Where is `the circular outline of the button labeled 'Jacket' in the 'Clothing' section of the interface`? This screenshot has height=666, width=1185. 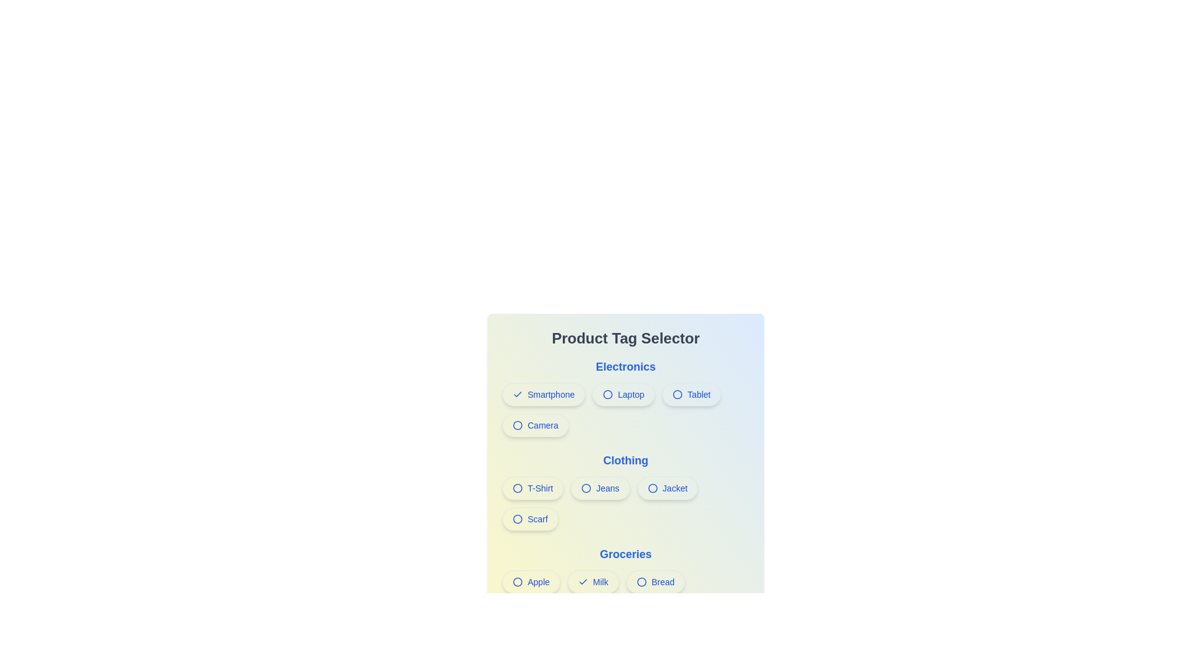
the circular outline of the button labeled 'Jacket' in the 'Clothing' section of the interface is located at coordinates (652, 487).